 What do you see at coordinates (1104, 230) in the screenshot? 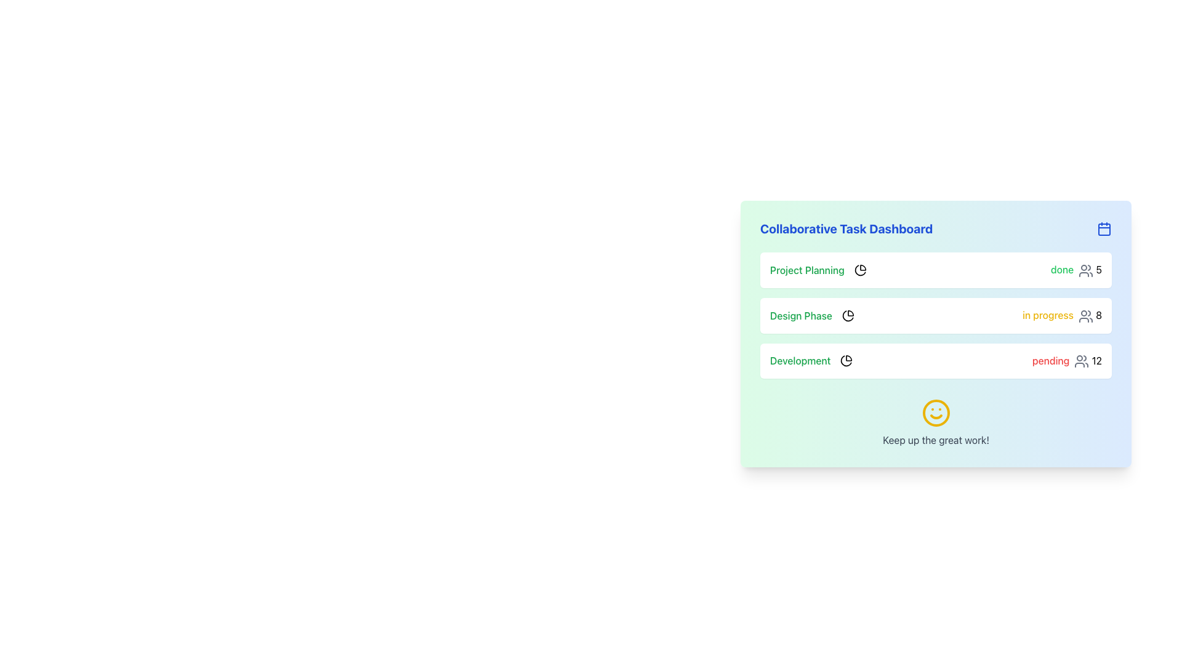
I see `the rounded rectangle within the calendar icon, which is light blue and located at the top-right corner of the dashboard header` at bounding box center [1104, 230].